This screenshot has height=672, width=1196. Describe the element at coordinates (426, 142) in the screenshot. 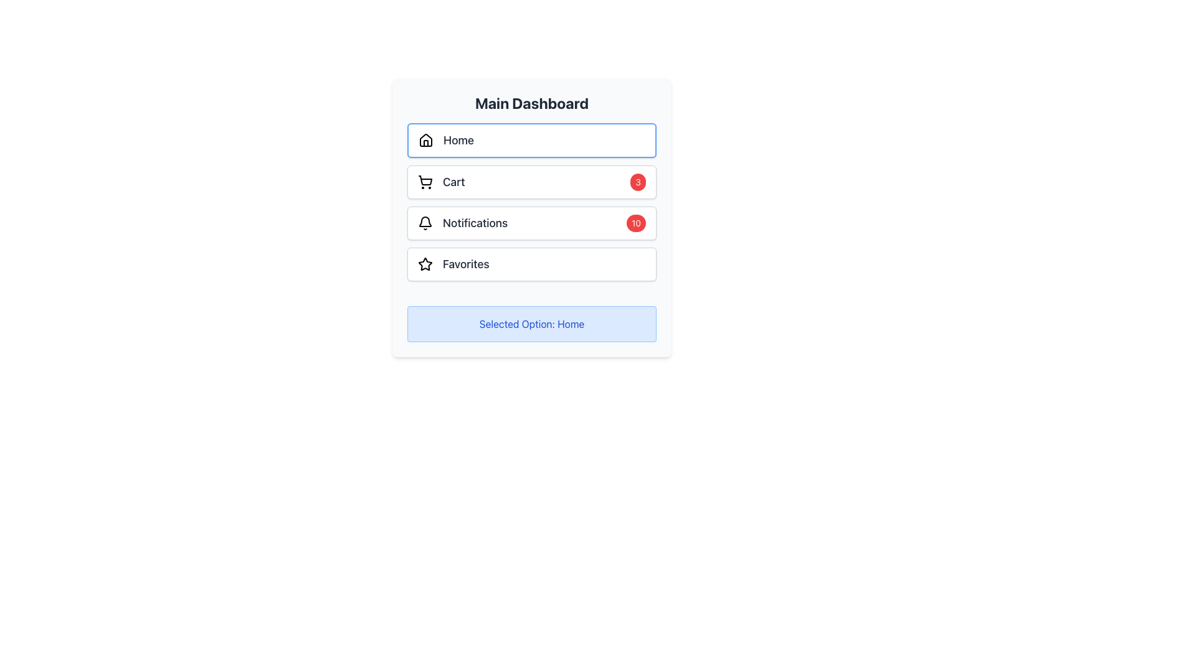

I see `the inner vertical rectangle of the house-shaped icon in the 'Home' option located in the top-left section of the interface` at that location.